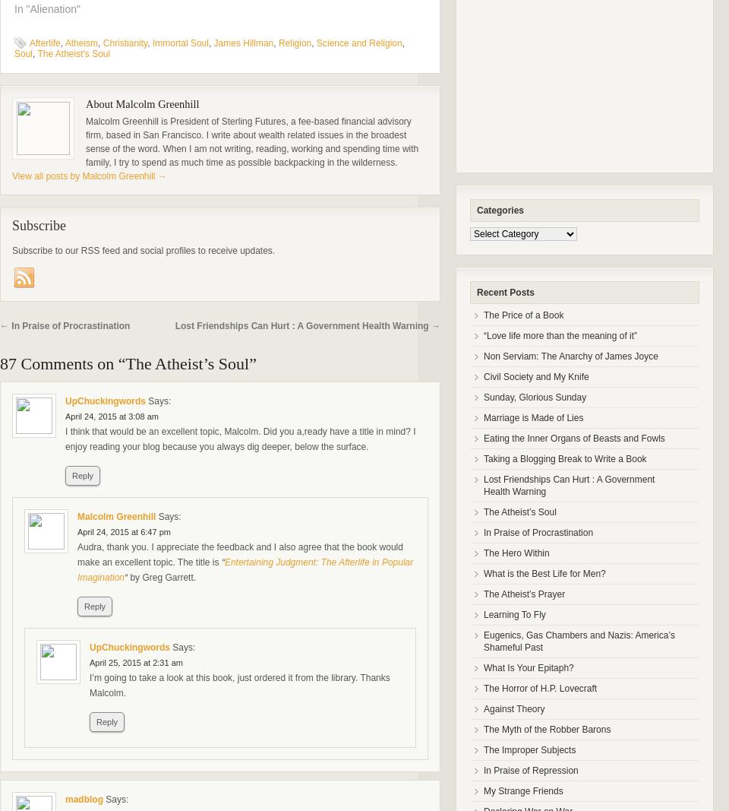  Describe the element at coordinates (505, 291) in the screenshot. I see `'Recent Posts'` at that location.